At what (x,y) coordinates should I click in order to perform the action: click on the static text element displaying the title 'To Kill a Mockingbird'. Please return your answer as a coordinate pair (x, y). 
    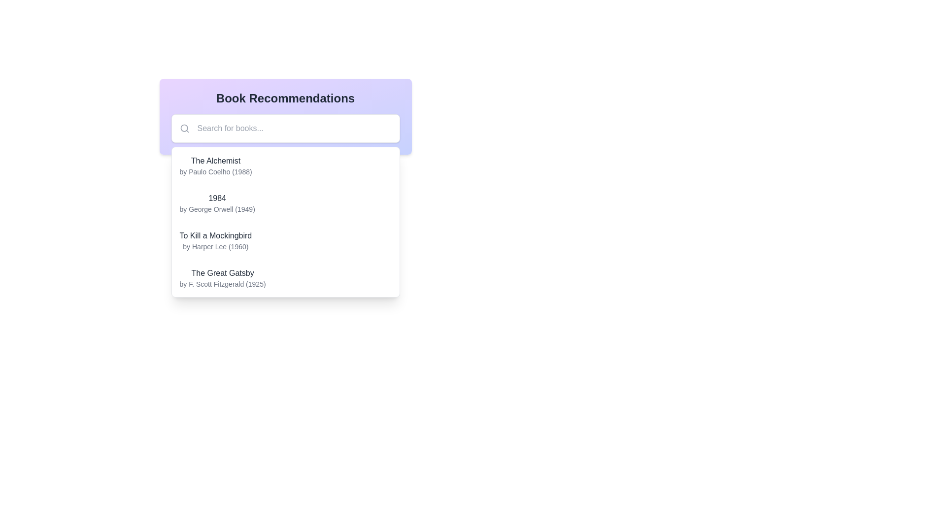
    Looking at the image, I should click on (215, 235).